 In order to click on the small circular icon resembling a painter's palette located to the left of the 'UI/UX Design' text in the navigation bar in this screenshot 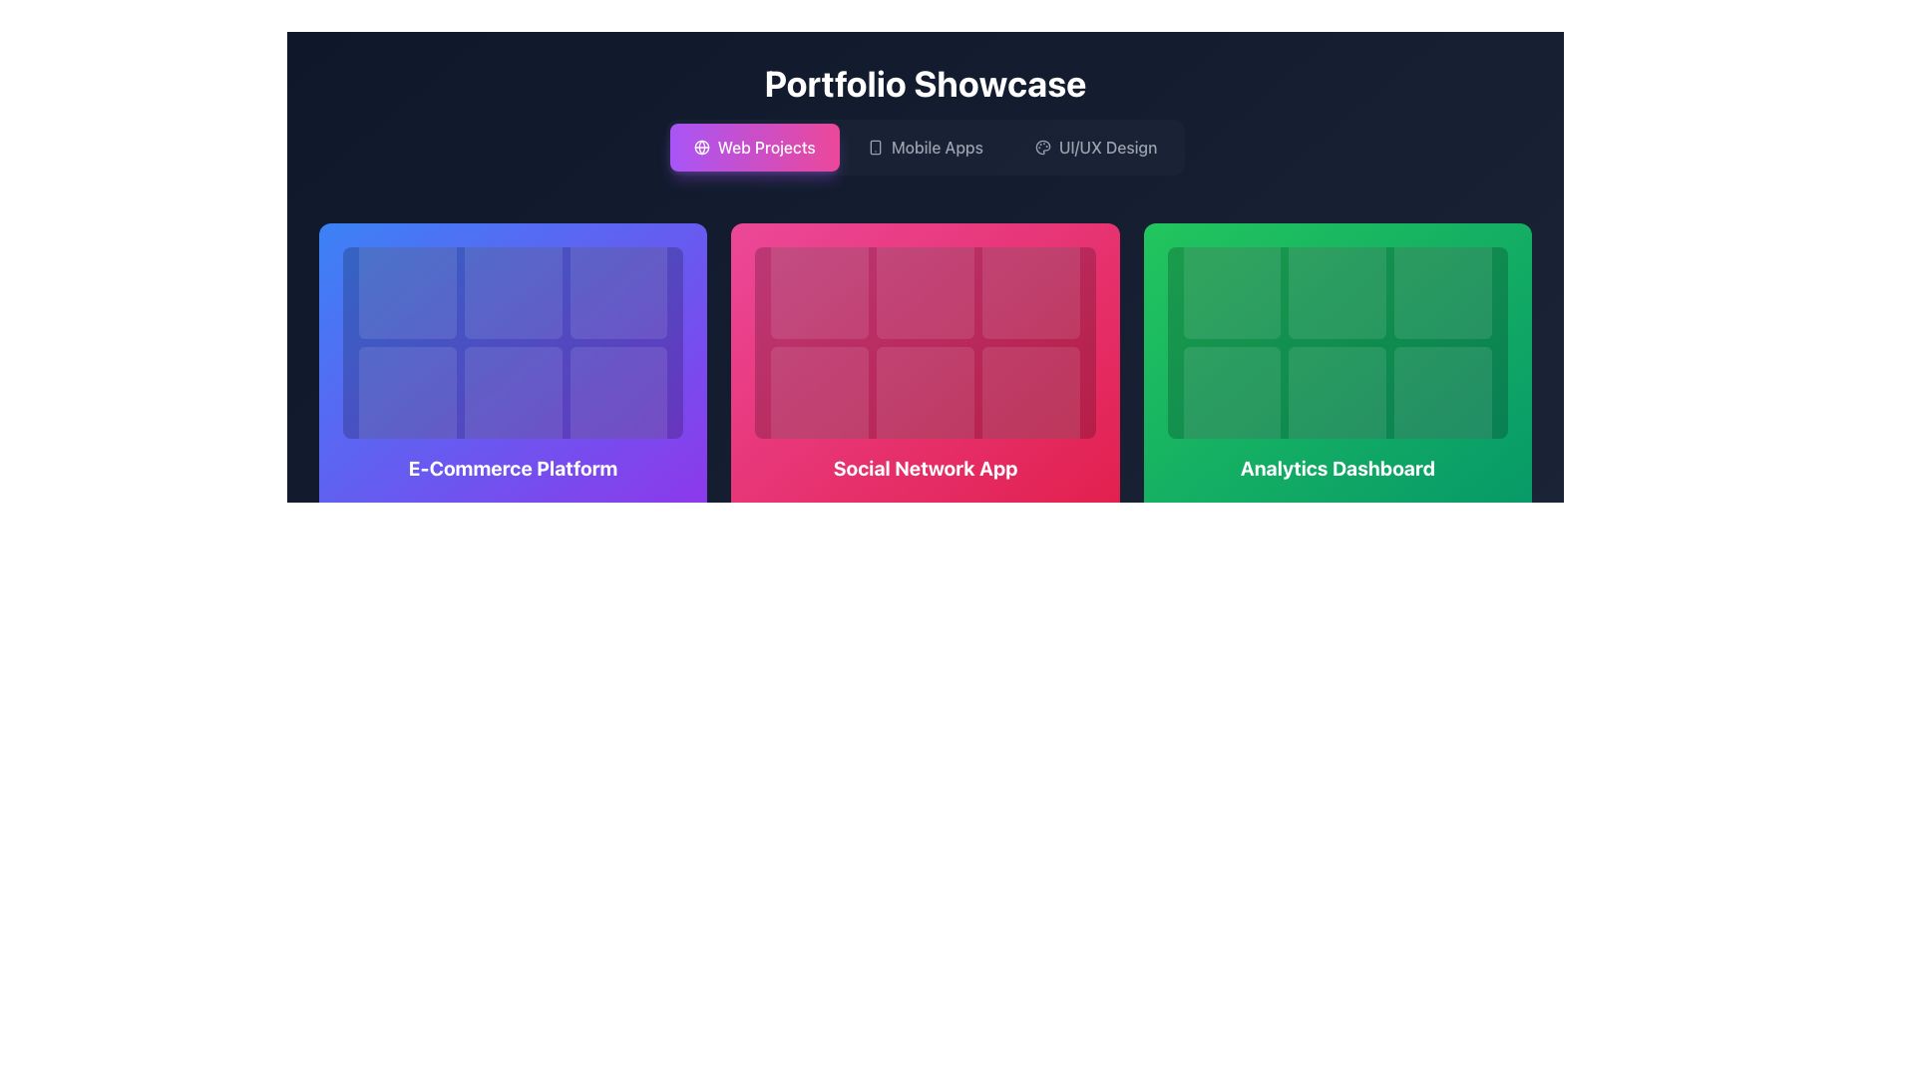, I will do `click(1041, 146)`.